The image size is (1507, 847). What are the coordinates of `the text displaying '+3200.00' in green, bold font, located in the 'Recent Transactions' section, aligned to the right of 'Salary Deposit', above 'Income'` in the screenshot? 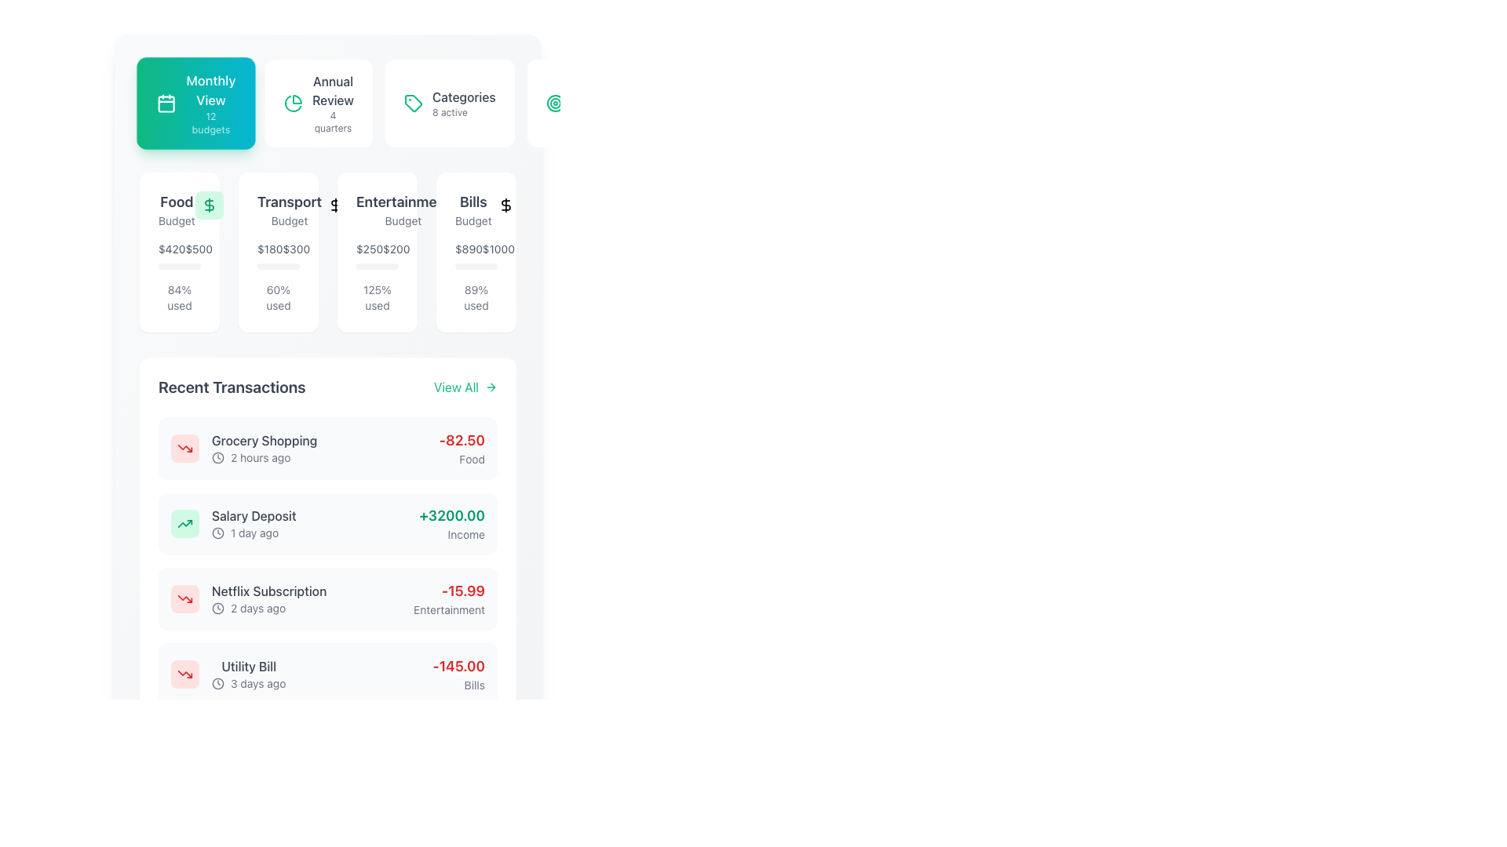 It's located at (451, 516).